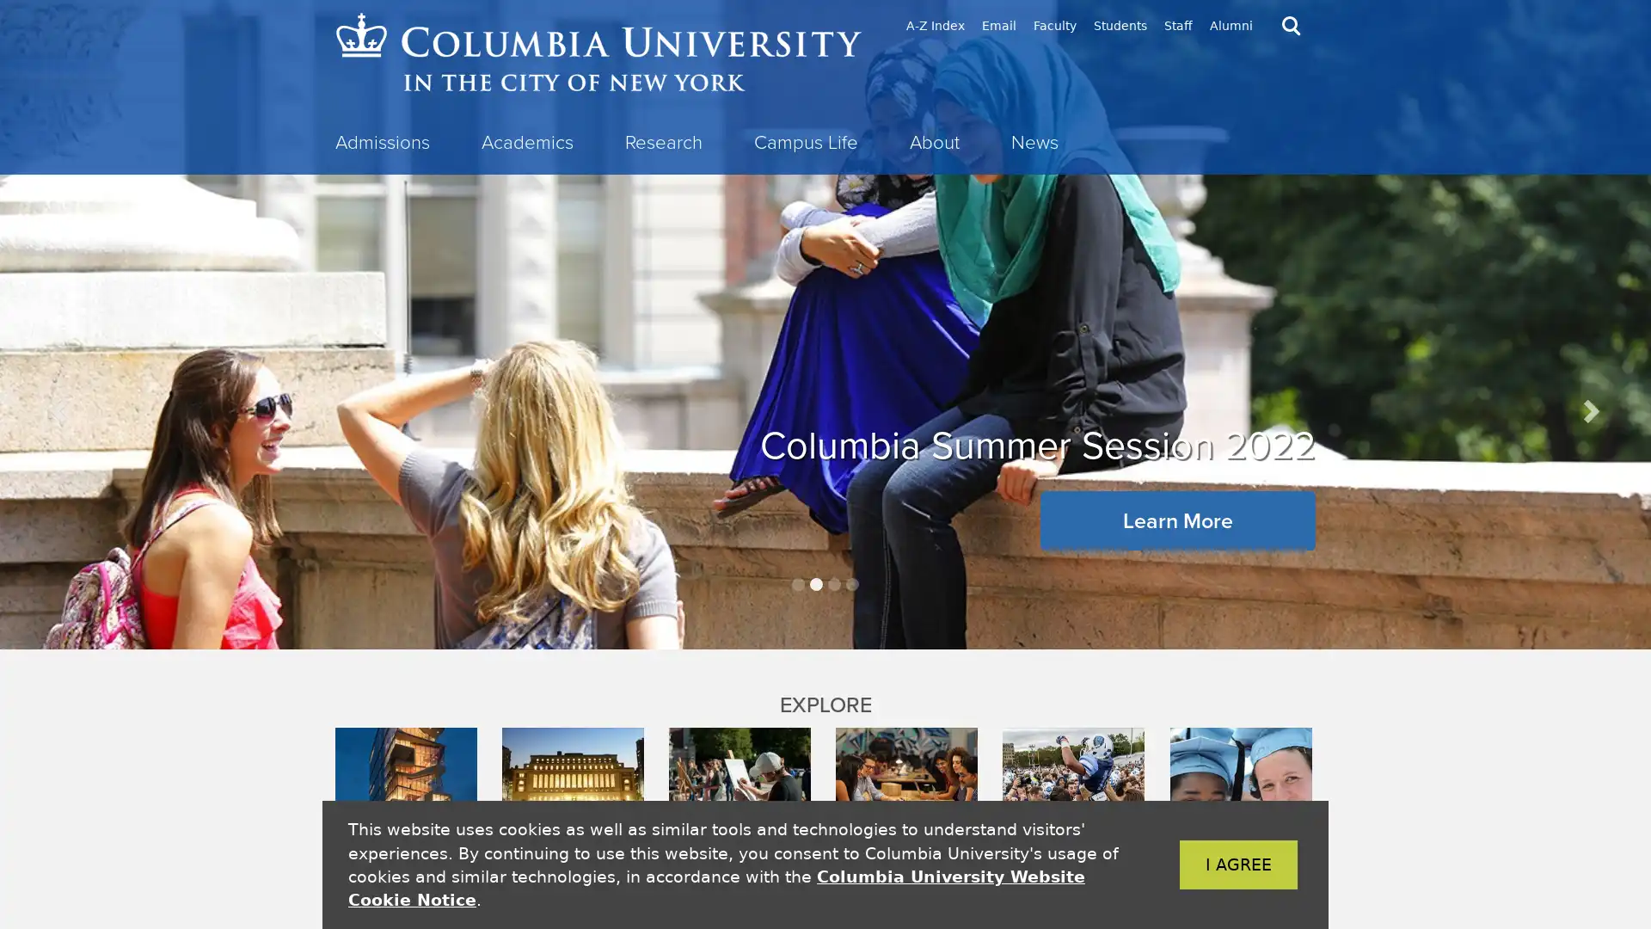 The image size is (1651, 929). Describe the element at coordinates (61, 410) in the screenshot. I see `Previous` at that location.